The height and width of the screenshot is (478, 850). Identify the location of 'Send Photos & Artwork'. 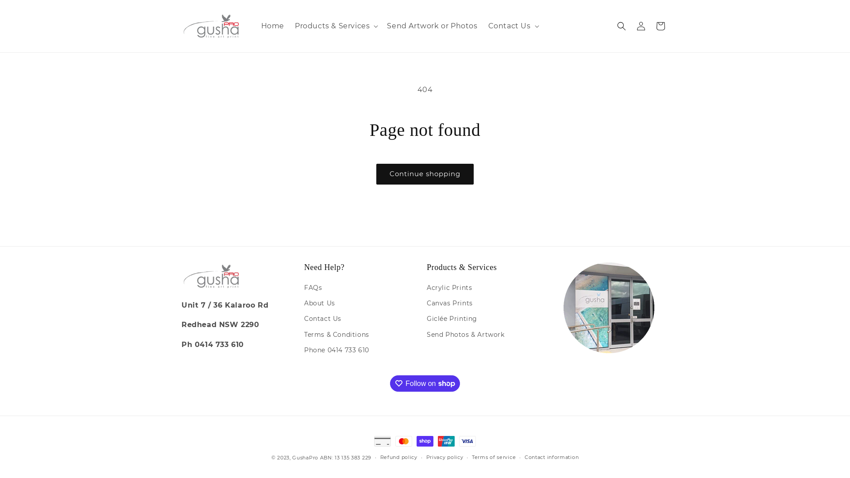
(465, 335).